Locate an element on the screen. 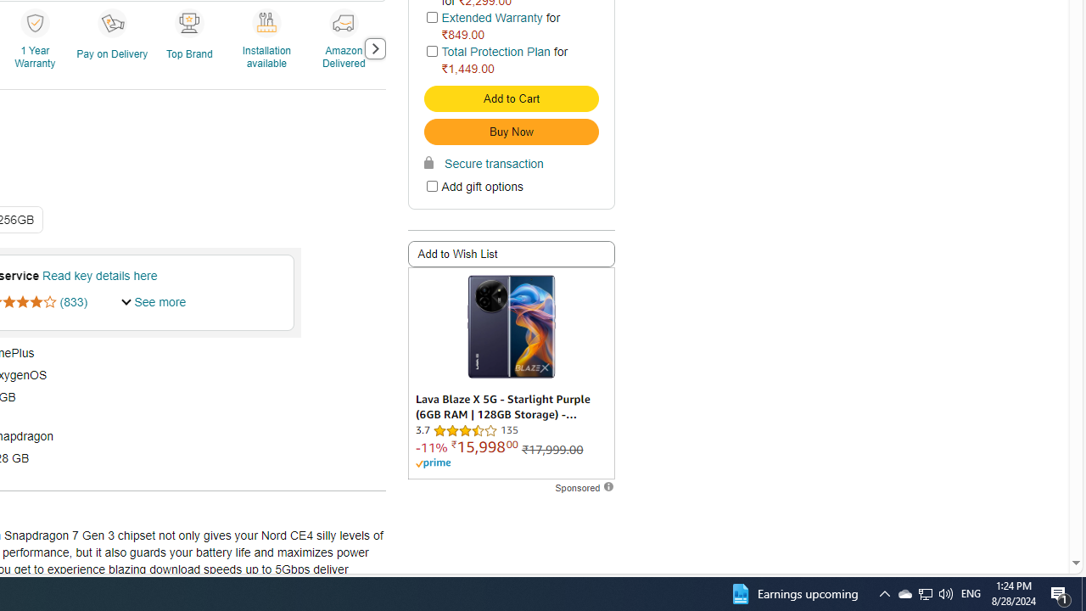  'Amazon Delivered' is located at coordinates (345, 47).